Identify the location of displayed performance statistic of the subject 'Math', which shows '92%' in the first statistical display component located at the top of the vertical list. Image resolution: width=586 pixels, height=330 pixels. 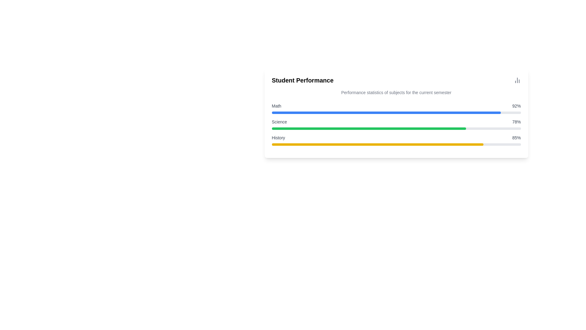
(396, 106).